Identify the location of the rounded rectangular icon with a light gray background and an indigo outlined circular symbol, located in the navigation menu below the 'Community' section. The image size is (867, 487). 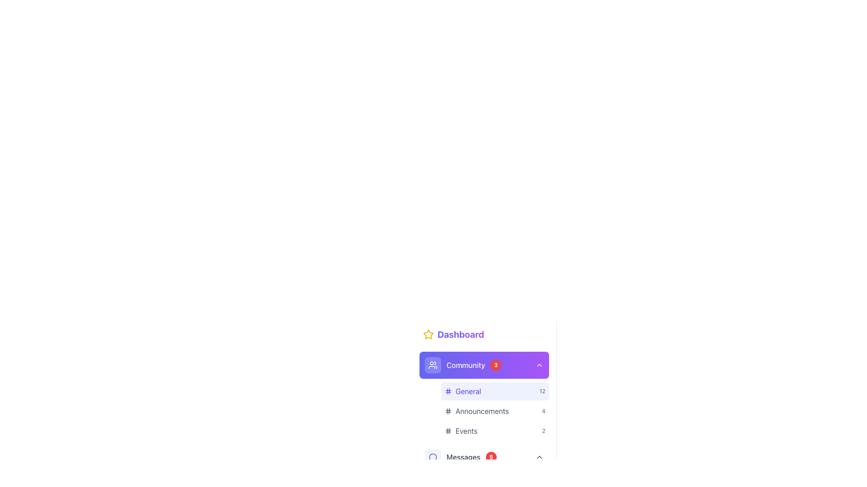
(433, 457).